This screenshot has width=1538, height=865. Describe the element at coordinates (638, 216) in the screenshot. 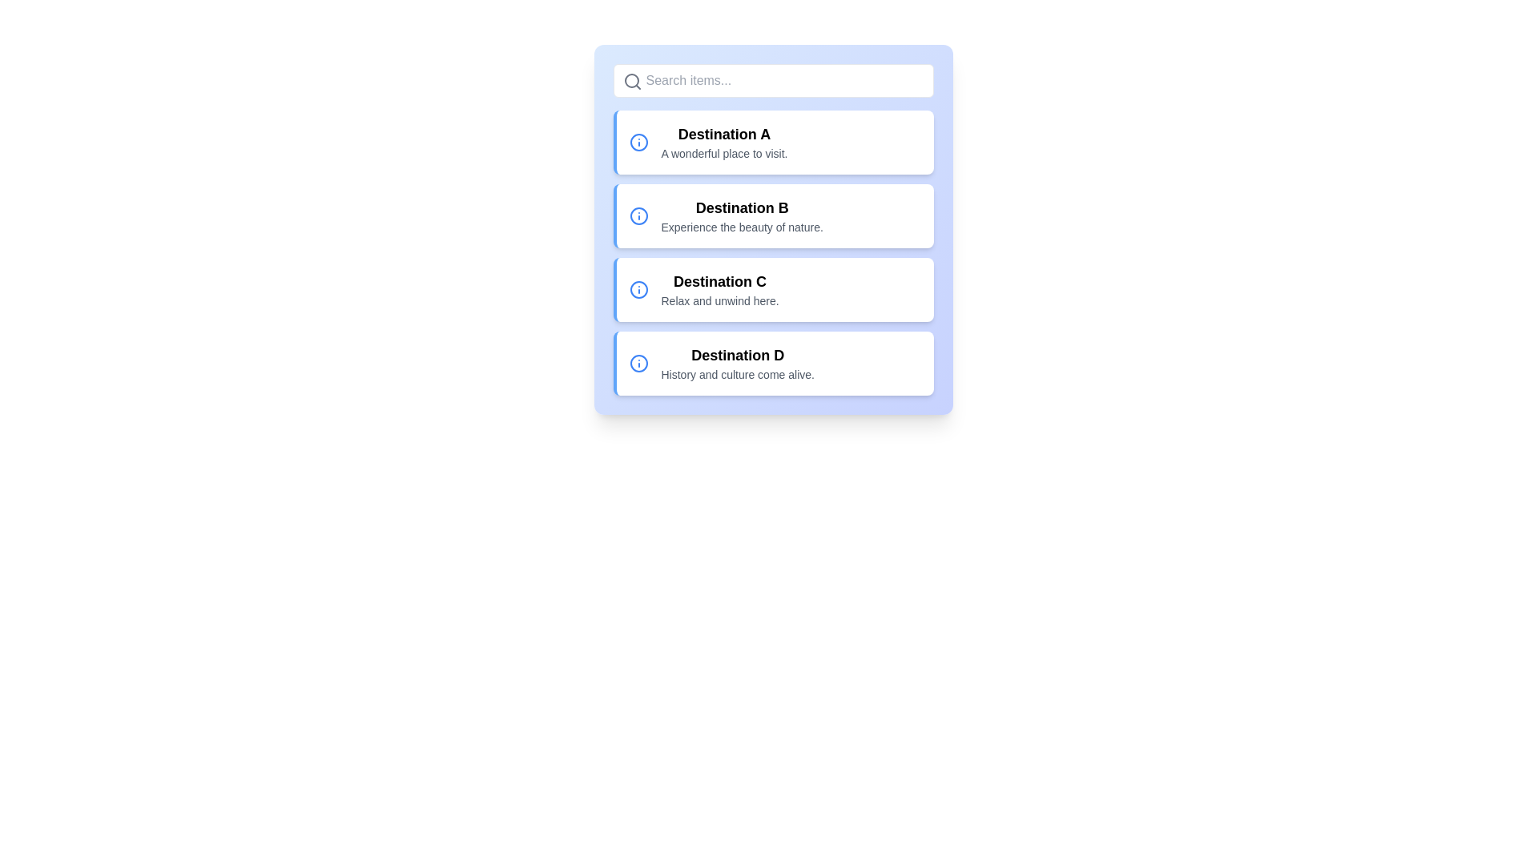

I see `the information icon located to the left of the 'Destination B' text in the second item of the vertical list` at that location.